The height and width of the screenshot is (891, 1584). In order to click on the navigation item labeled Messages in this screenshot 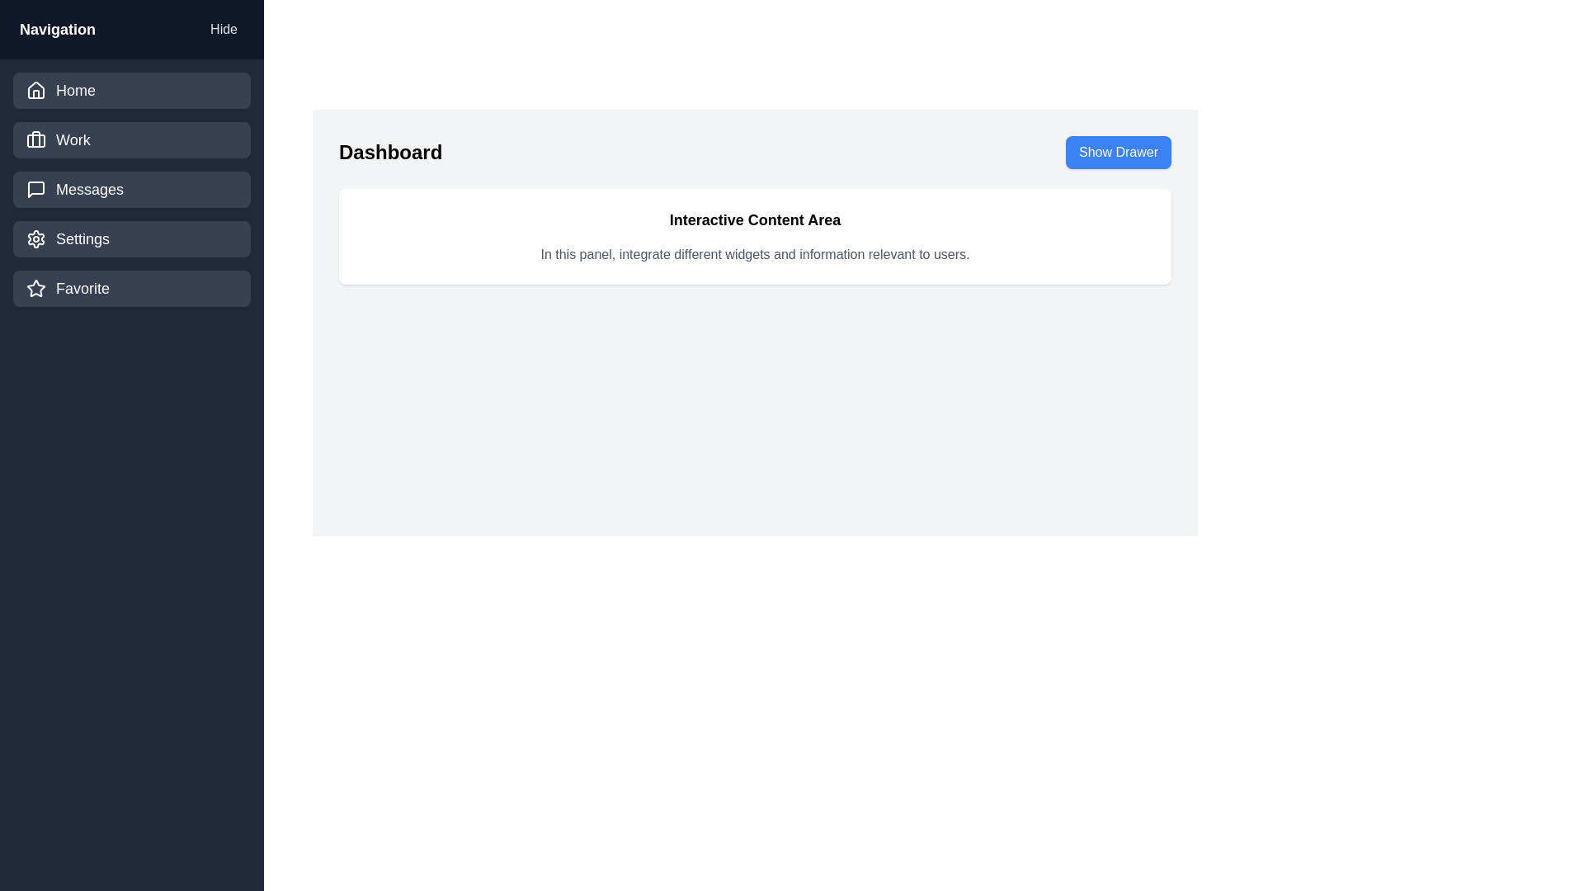, I will do `click(130, 189)`.